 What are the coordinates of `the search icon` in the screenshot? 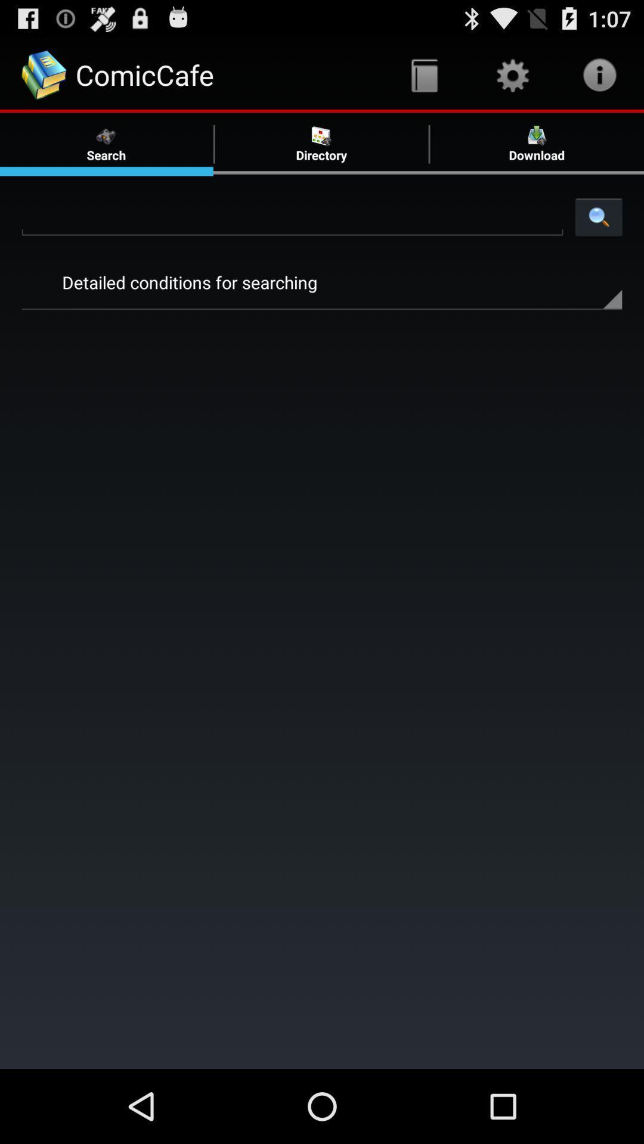 It's located at (599, 232).